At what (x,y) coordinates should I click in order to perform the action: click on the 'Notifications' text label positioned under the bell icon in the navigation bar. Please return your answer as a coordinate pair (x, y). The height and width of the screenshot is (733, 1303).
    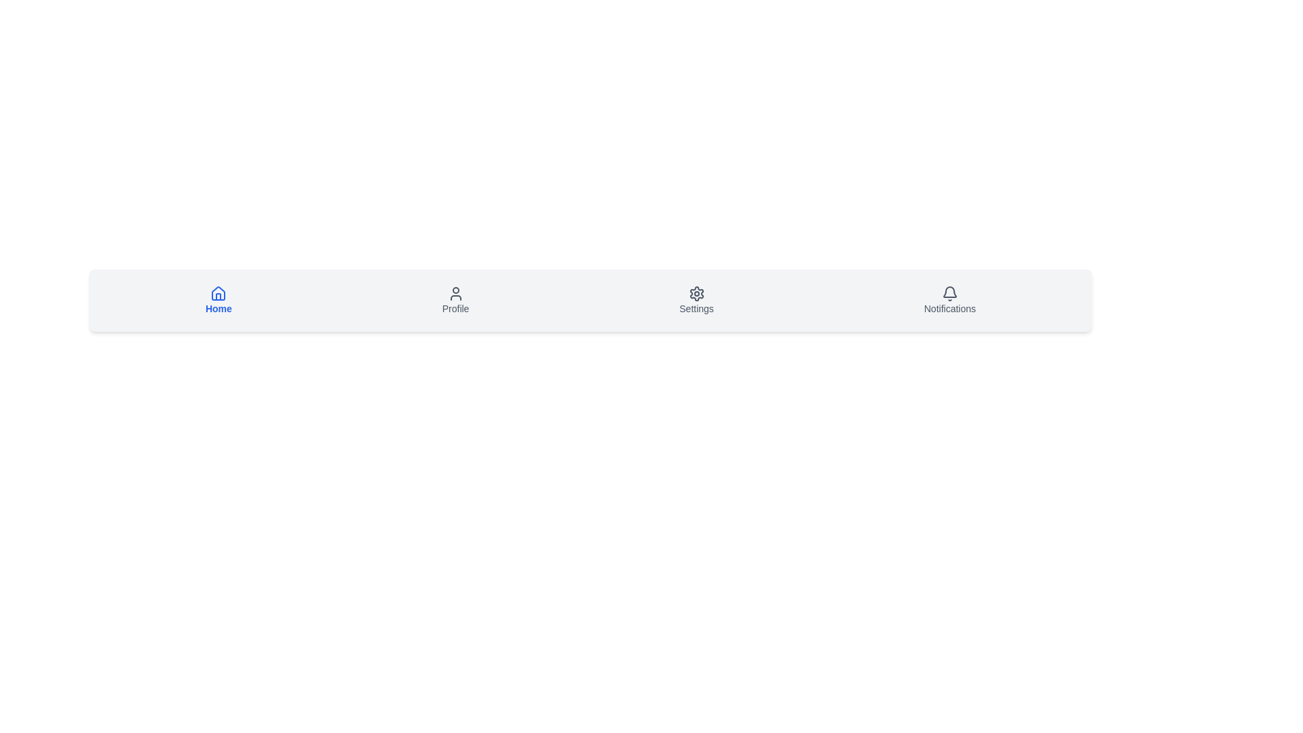
    Looking at the image, I should click on (949, 309).